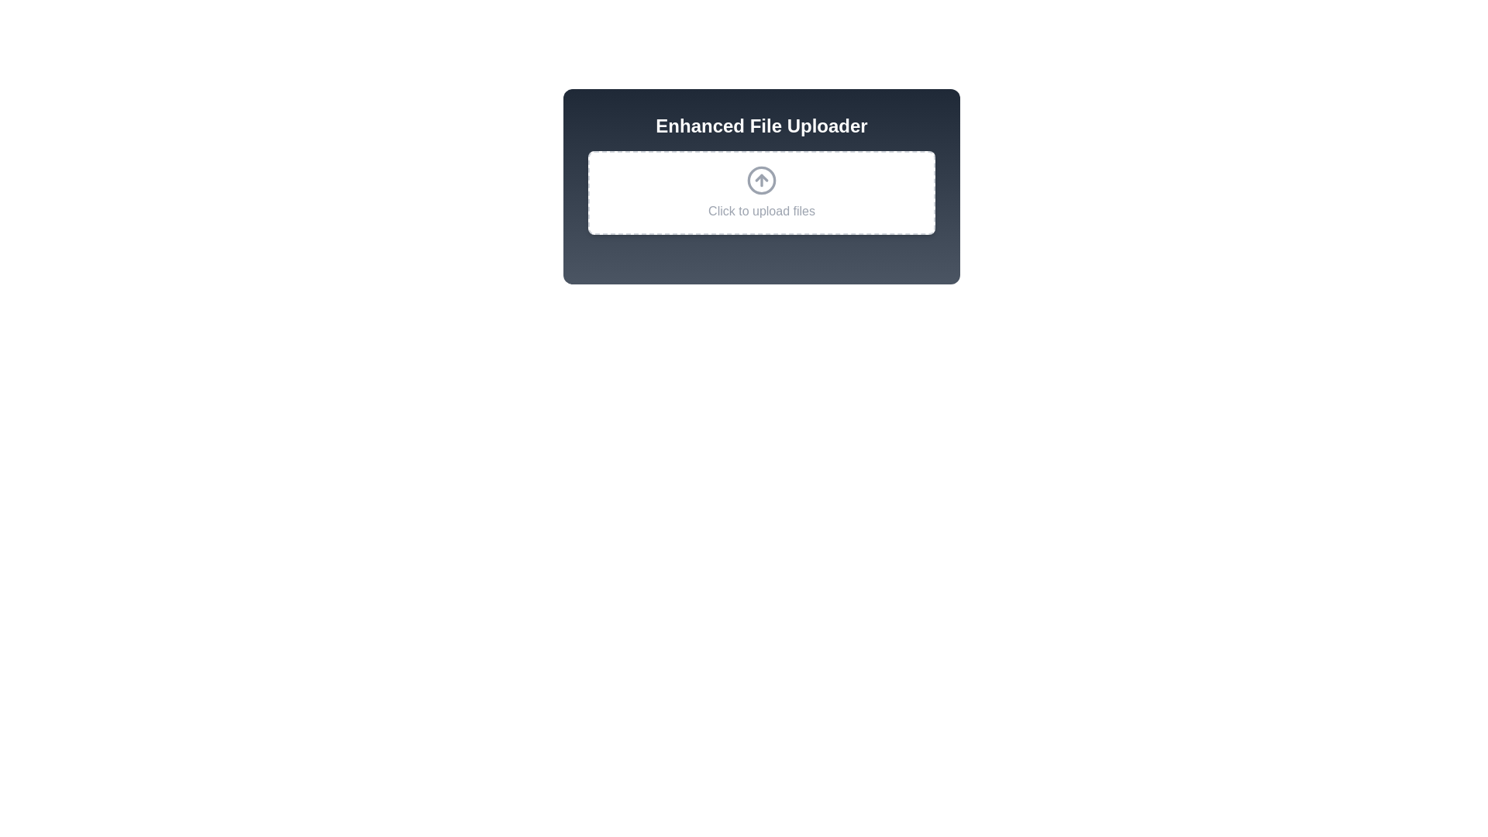  Describe the element at coordinates (762, 192) in the screenshot. I see `the clickable file upload region located directly below the heading 'Enhanced File Uploader'` at that location.